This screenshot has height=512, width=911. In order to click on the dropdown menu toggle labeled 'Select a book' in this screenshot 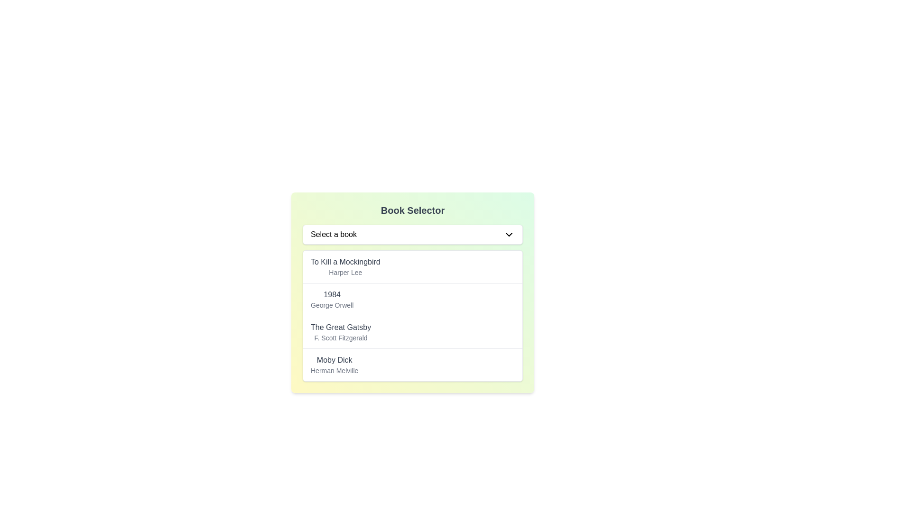, I will do `click(412, 234)`.